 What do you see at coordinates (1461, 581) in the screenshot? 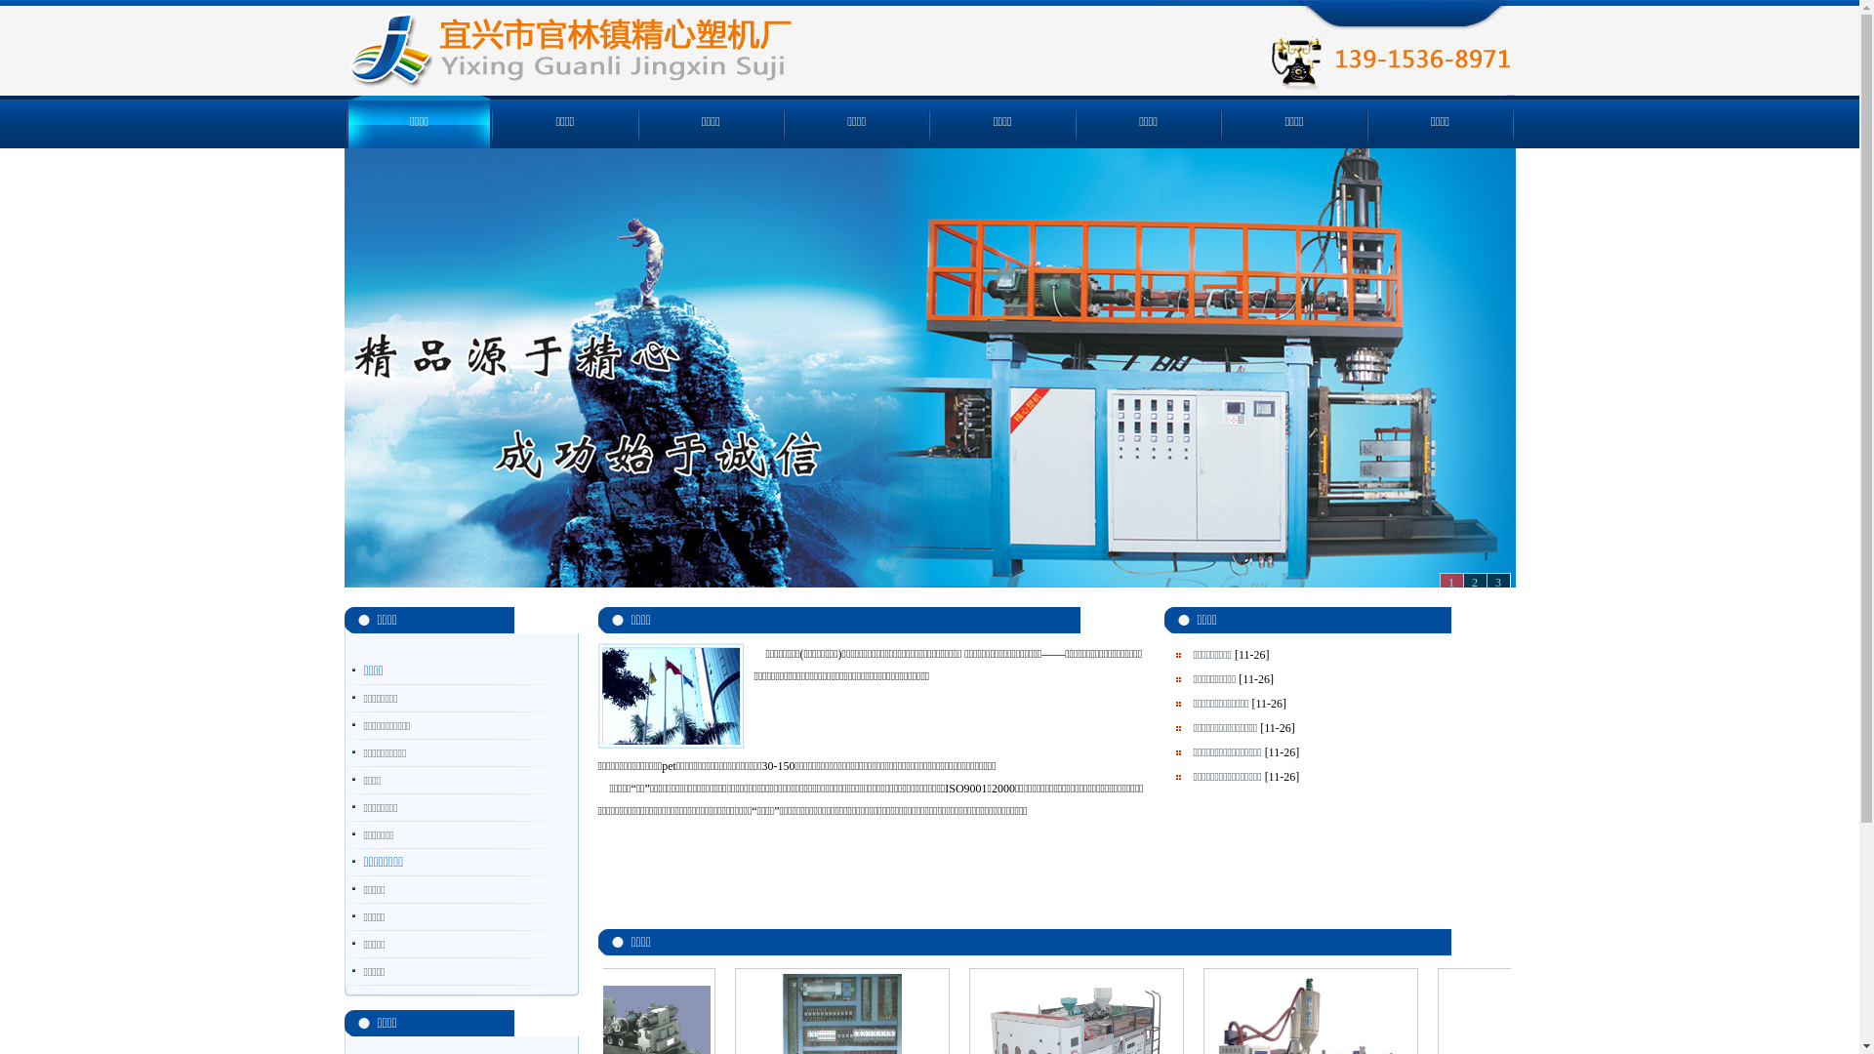
I see `'2'` at bounding box center [1461, 581].